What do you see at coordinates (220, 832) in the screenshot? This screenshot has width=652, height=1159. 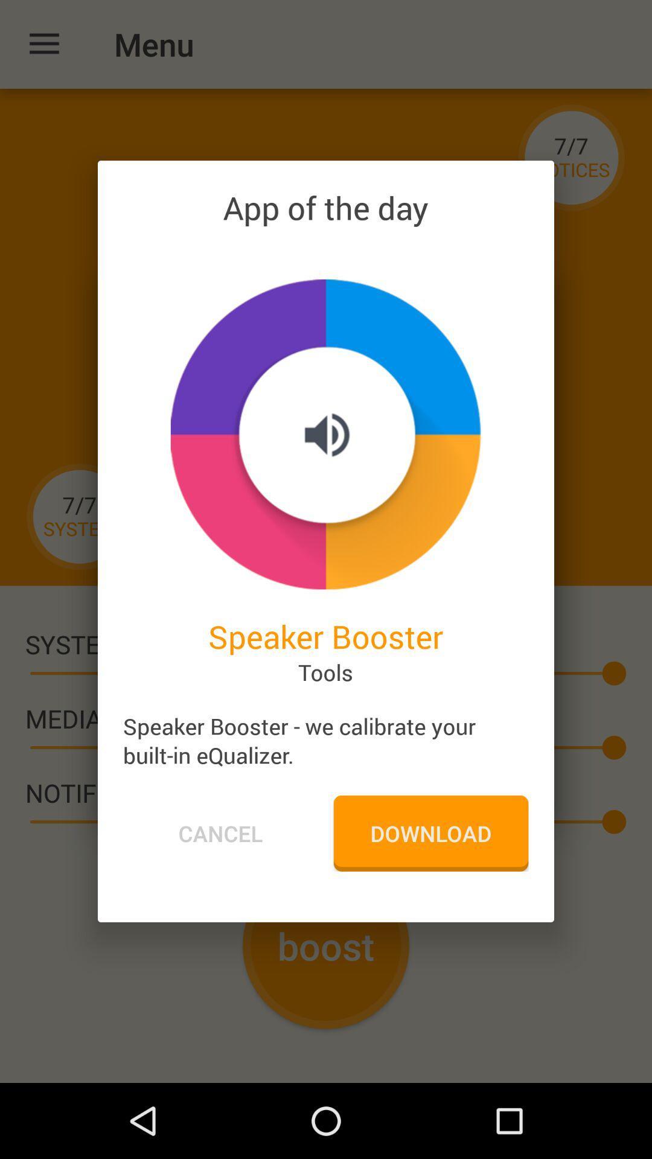 I see `the cancel icon` at bounding box center [220, 832].